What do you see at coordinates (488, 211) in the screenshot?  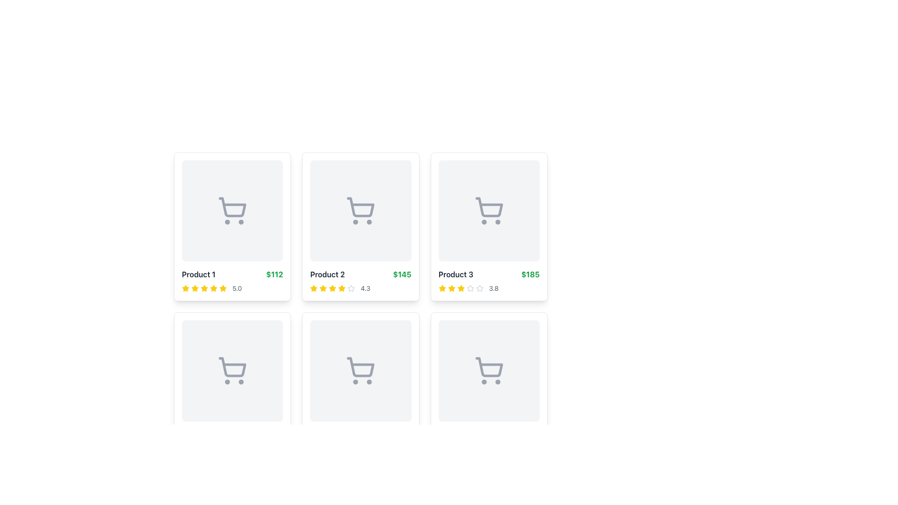 I see `the shopping cart icon for 'Product 3' located in the first row, third column of the grid layout for more information` at bounding box center [488, 211].